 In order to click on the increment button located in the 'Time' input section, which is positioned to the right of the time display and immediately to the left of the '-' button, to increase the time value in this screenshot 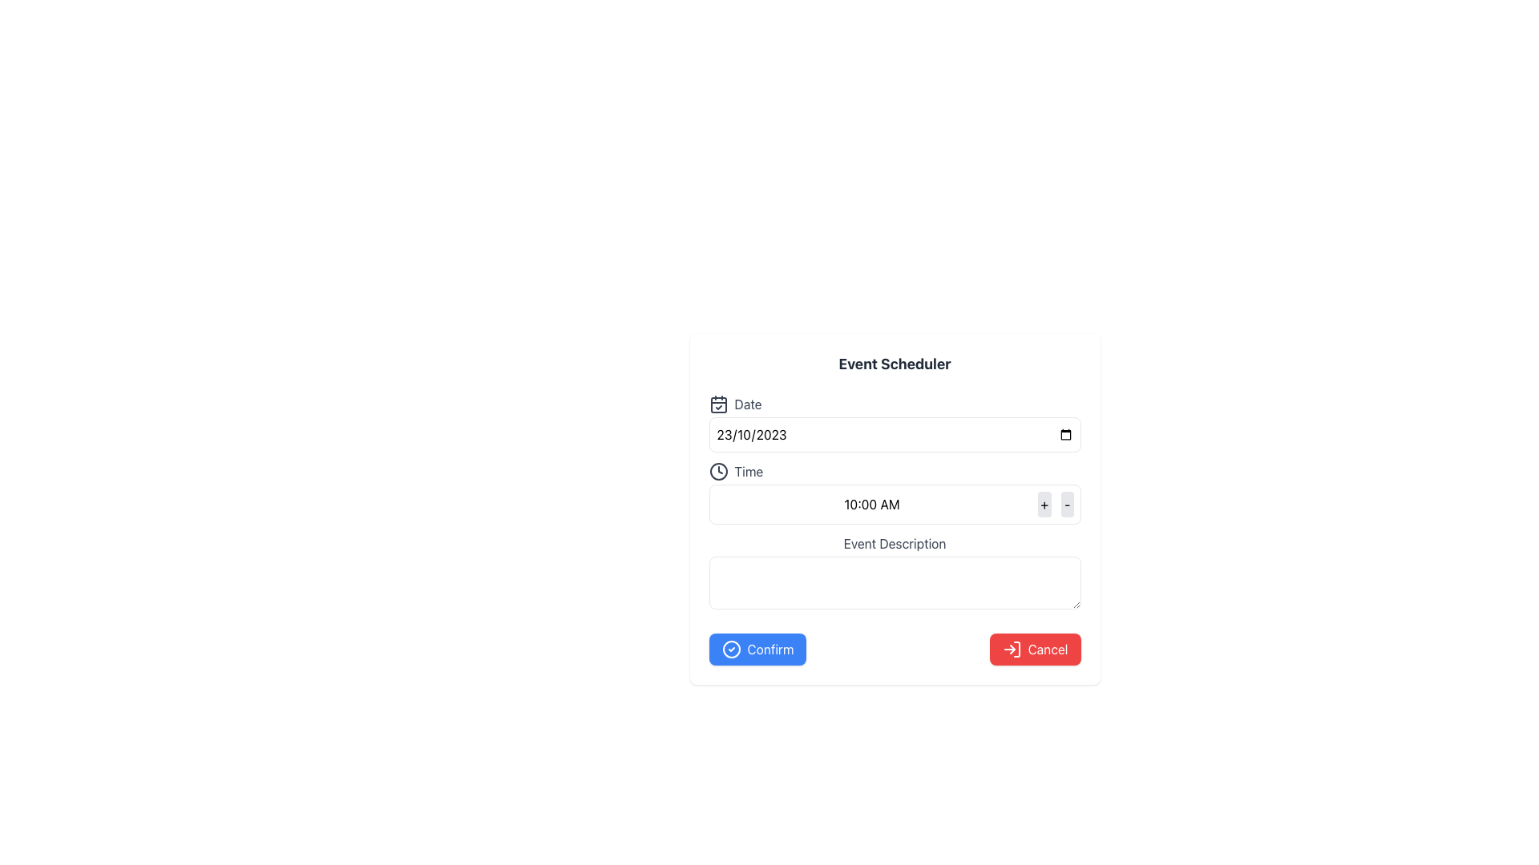, I will do `click(1044, 503)`.